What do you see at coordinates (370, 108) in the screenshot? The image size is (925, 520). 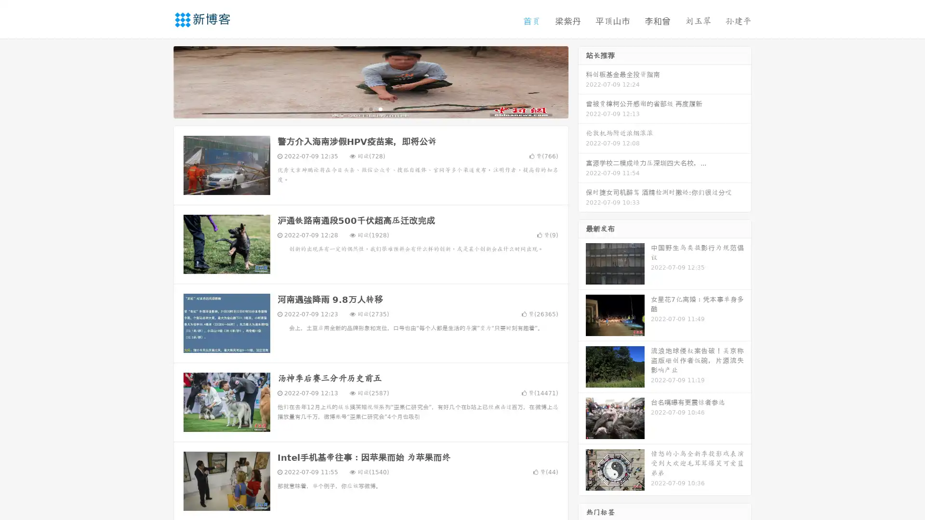 I see `Go to slide 2` at bounding box center [370, 108].